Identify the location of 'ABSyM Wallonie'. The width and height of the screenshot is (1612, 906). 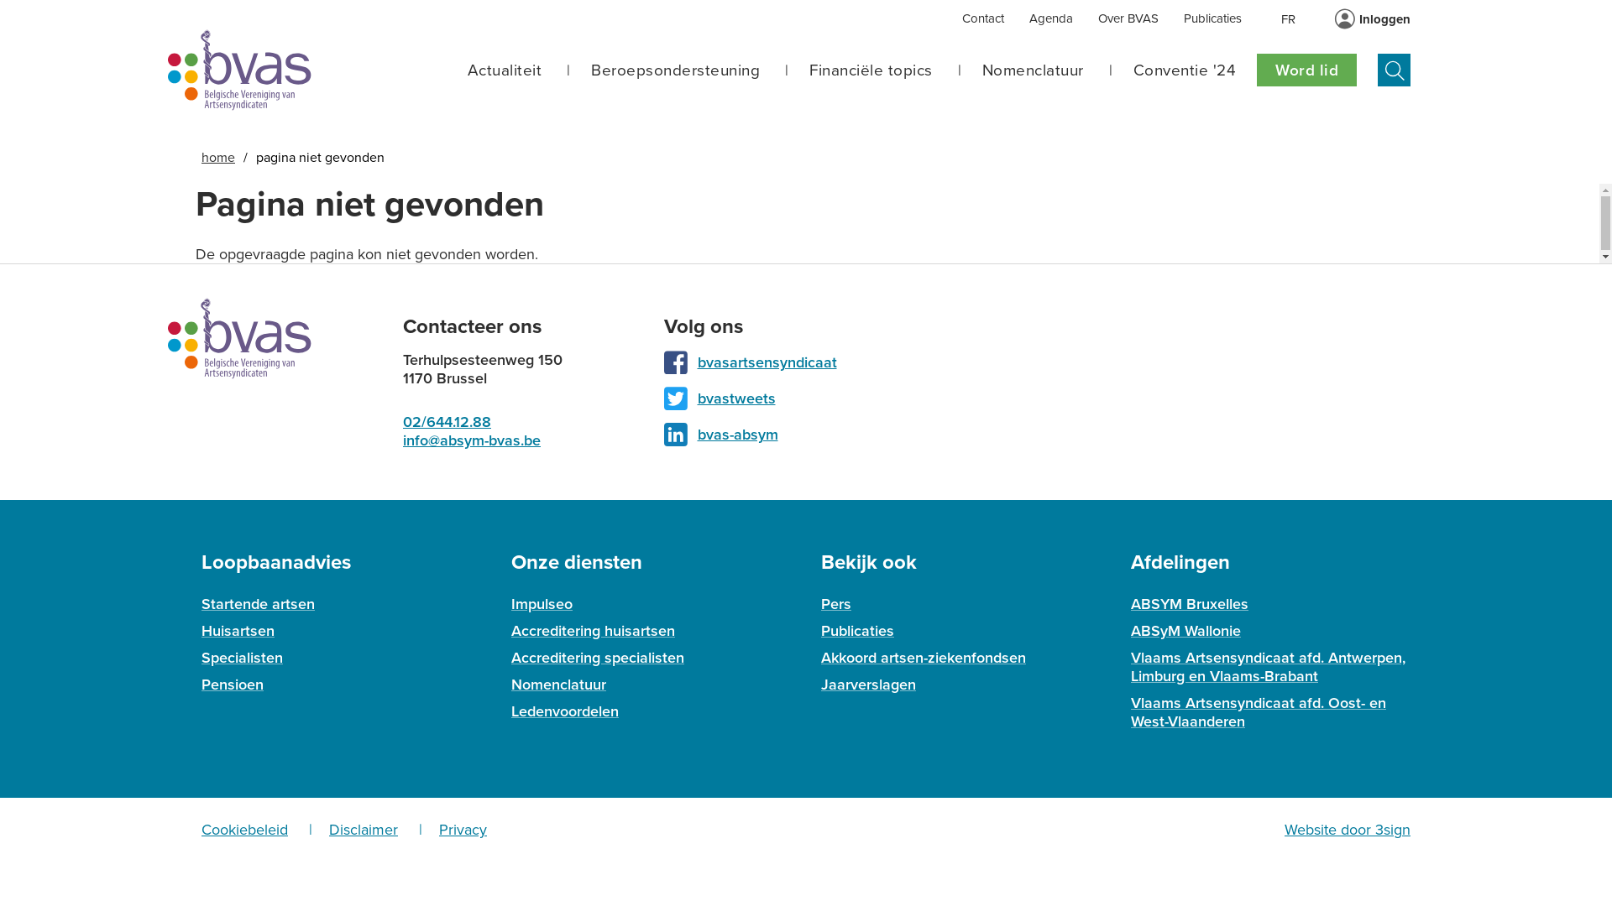
(1131, 631).